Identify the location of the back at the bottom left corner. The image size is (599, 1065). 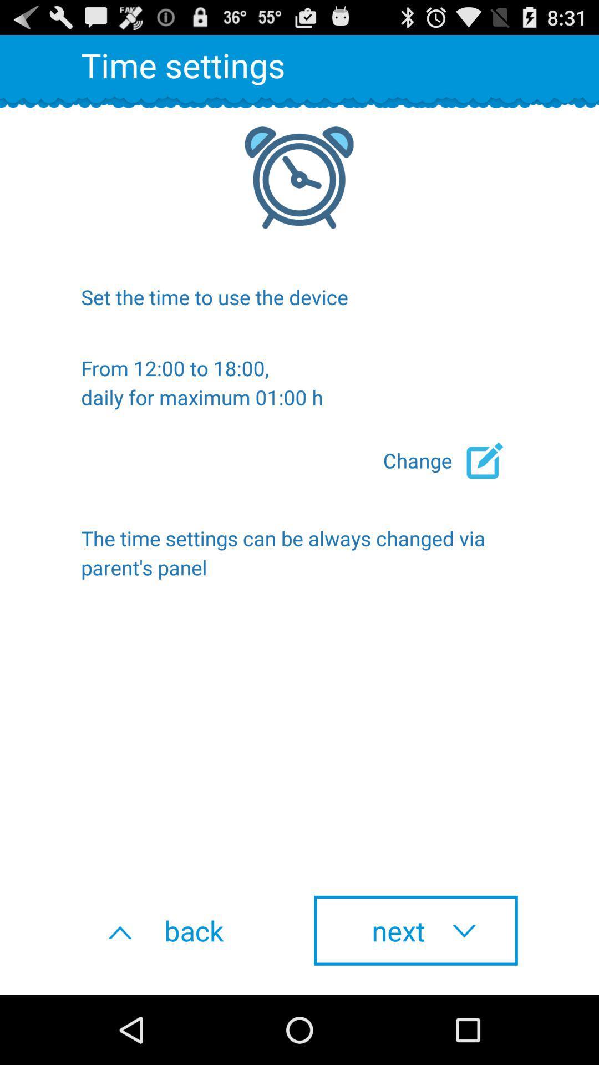
(182, 930).